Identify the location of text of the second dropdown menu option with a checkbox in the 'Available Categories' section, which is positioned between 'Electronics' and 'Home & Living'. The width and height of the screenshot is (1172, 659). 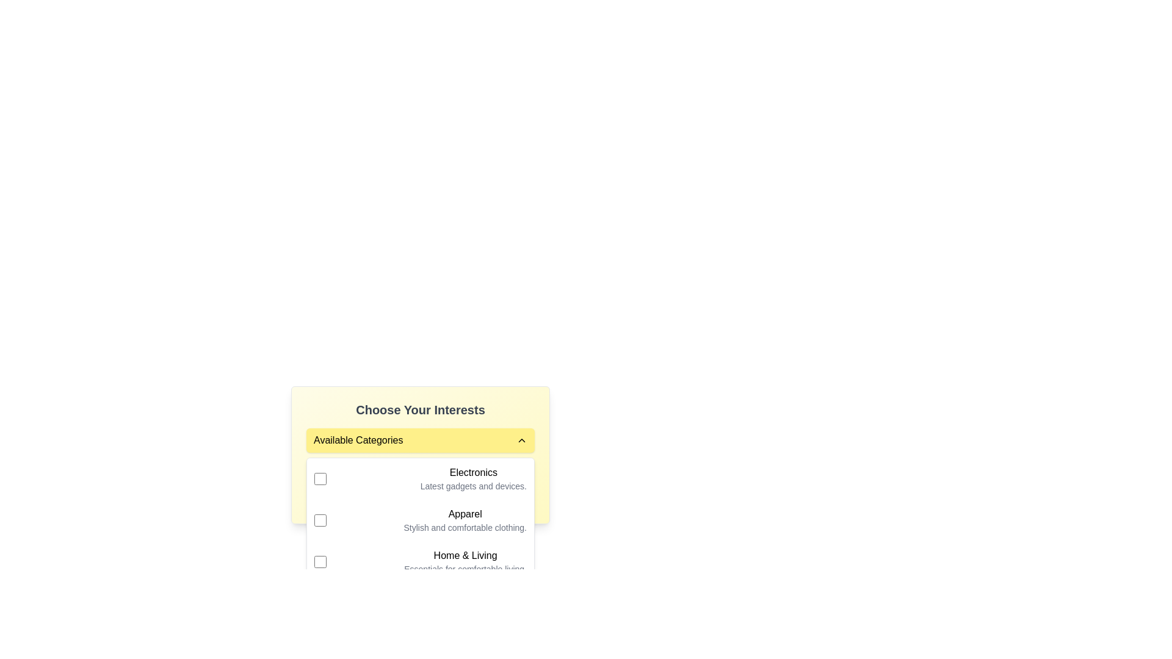
(421, 530).